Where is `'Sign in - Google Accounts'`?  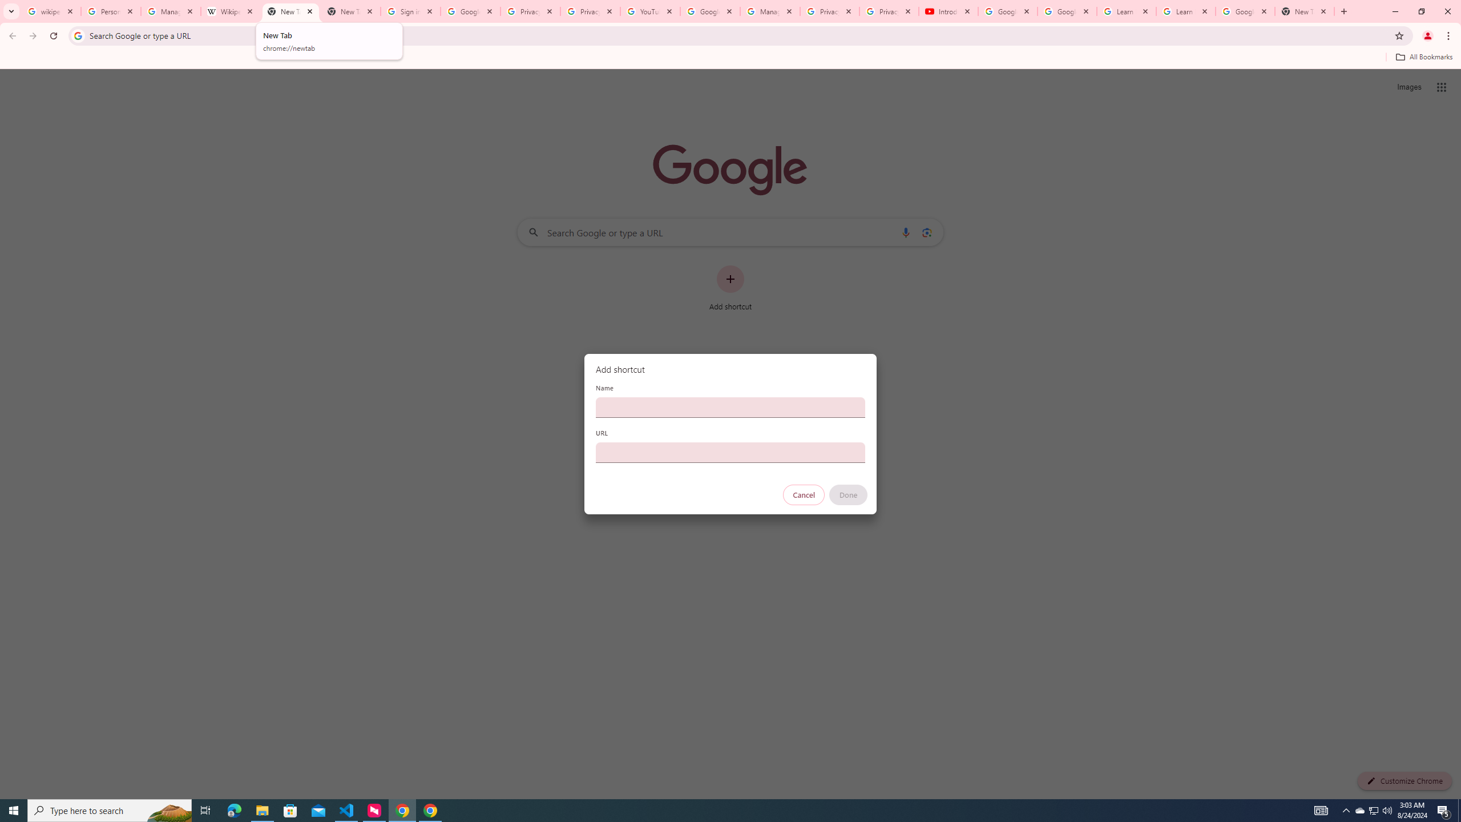
'Sign in - Google Accounts' is located at coordinates (410, 11).